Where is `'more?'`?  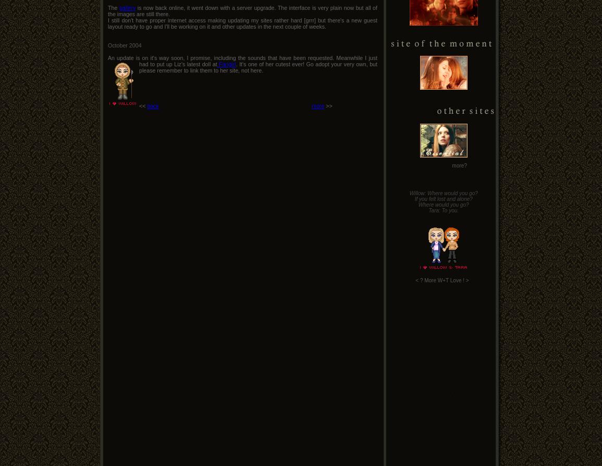 'more?' is located at coordinates (459, 165).